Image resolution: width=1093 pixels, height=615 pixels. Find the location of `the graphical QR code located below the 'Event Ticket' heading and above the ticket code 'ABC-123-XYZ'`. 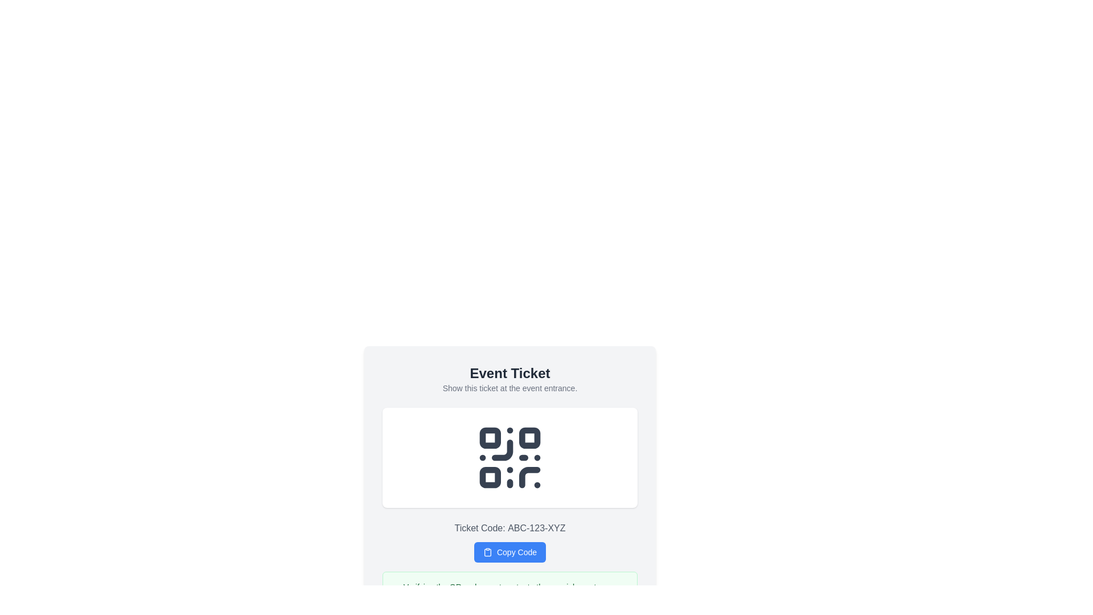

the graphical QR code located below the 'Event Ticket' heading and above the ticket code 'ABC-123-XYZ' is located at coordinates (509, 457).